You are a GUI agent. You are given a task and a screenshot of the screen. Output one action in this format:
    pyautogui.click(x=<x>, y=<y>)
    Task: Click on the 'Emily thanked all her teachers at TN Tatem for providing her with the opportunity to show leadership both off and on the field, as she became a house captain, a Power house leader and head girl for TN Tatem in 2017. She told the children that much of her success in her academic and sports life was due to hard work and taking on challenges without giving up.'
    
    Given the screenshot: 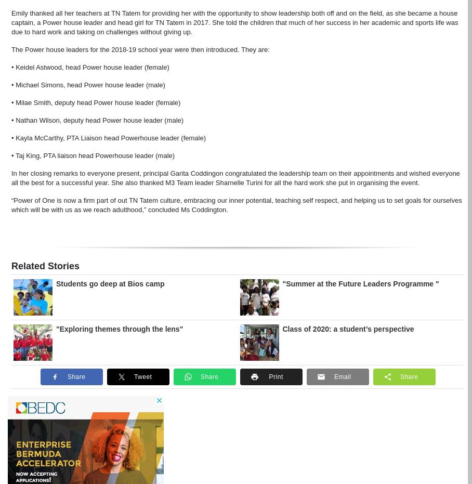 What is the action you would take?
    pyautogui.click(x=234, y=21)
    